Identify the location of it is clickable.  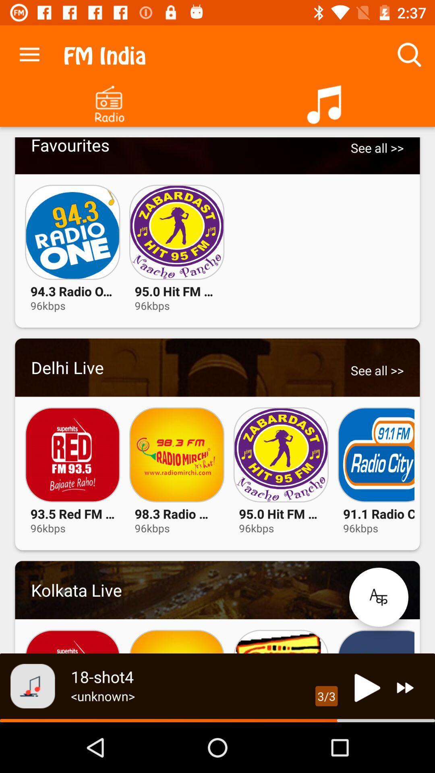
(217, 367).